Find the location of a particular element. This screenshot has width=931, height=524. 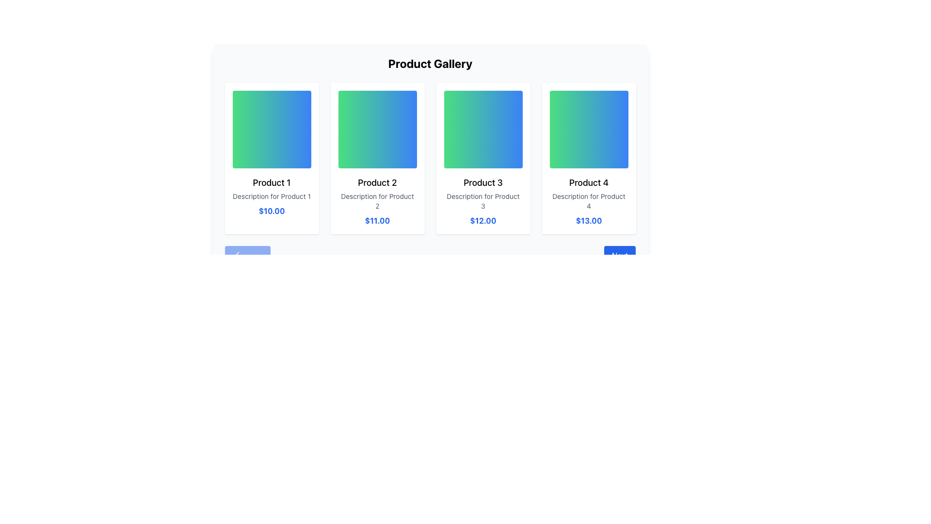

the Display card for 'Product 2', which shows its title, description, and price. This card is the second in a grid layout of product cards is located at coordinates (377, 158).